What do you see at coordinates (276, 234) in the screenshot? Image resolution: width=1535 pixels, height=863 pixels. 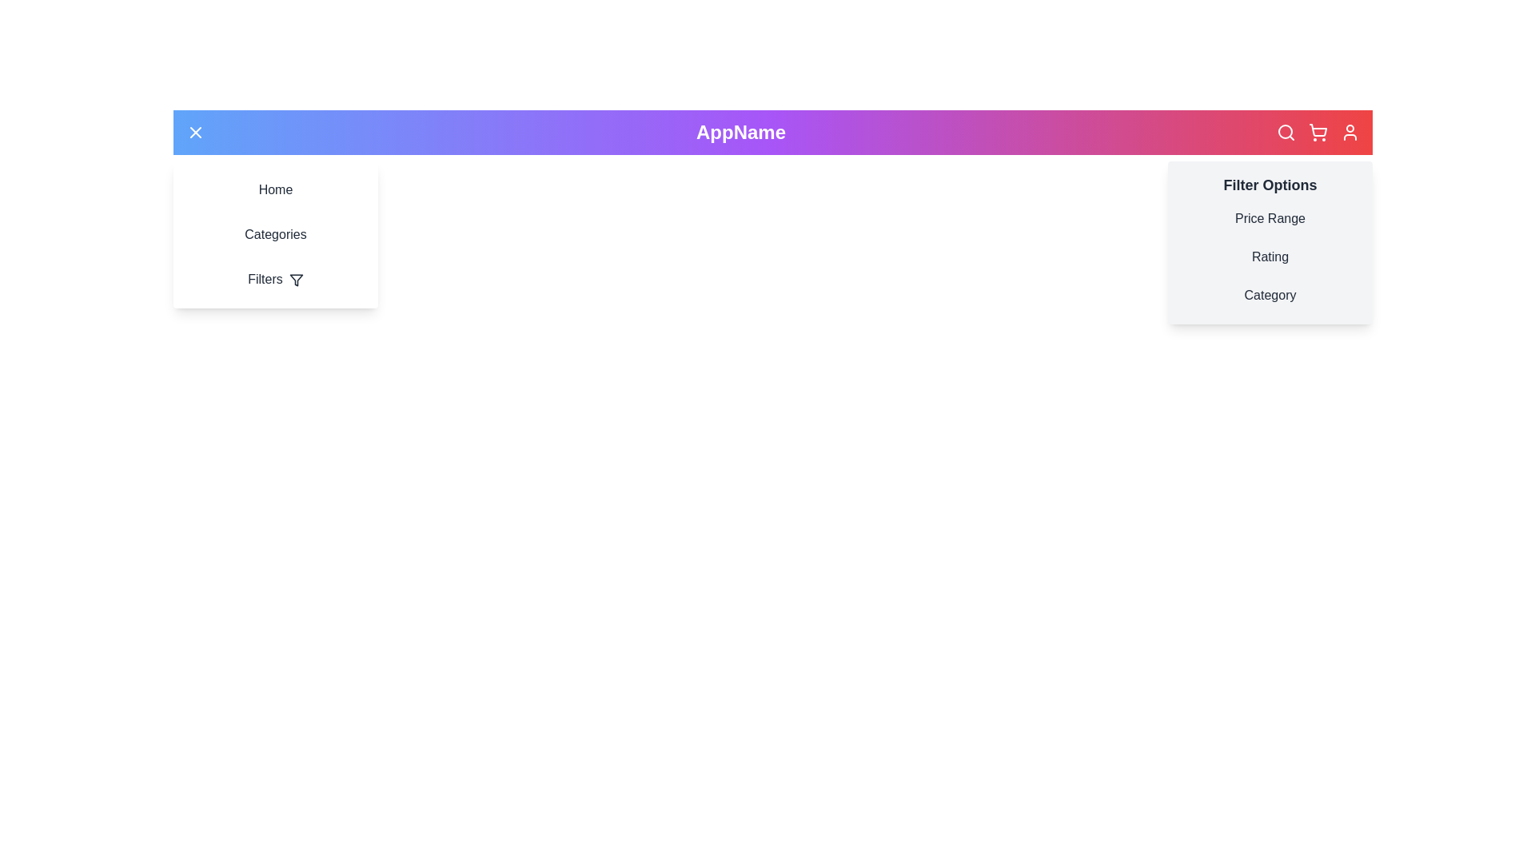 I see `the dropdown menu located near the top-left corner of the interface` at bounding box center [276, 234].